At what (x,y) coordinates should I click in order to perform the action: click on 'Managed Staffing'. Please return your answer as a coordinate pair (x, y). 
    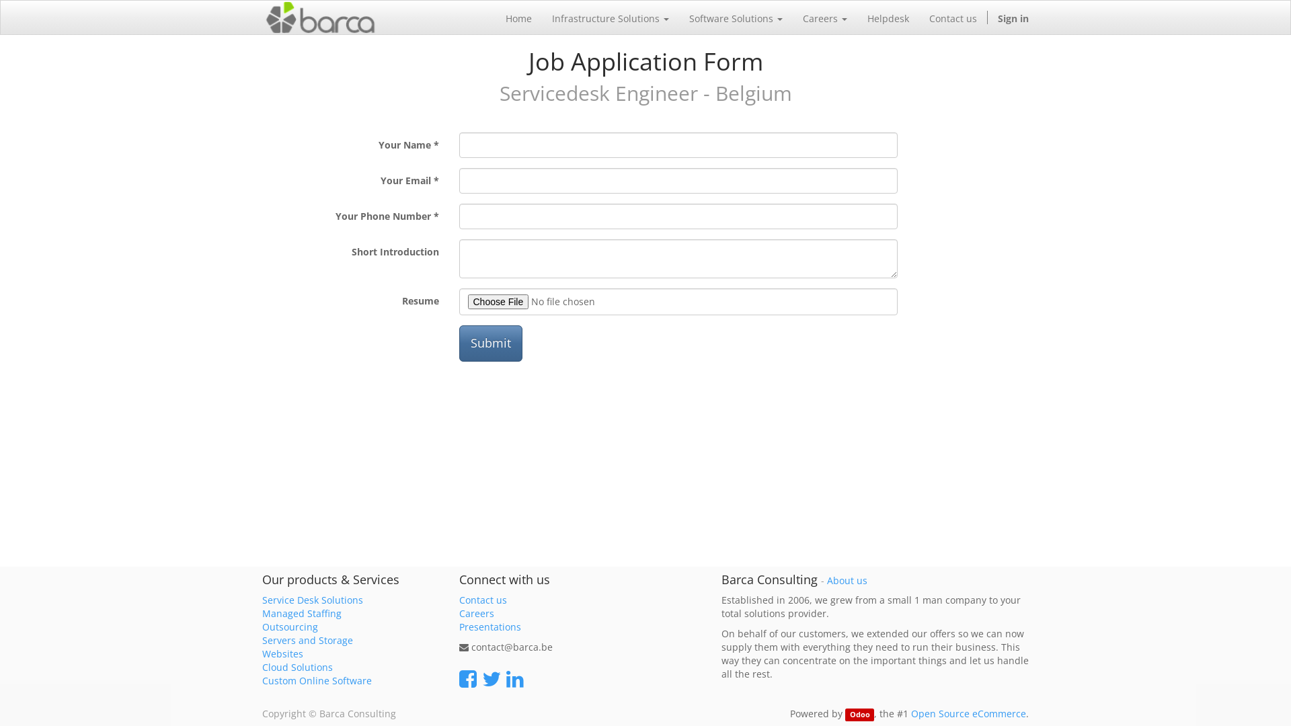
    Looking at the image, I should click on (301, 613).